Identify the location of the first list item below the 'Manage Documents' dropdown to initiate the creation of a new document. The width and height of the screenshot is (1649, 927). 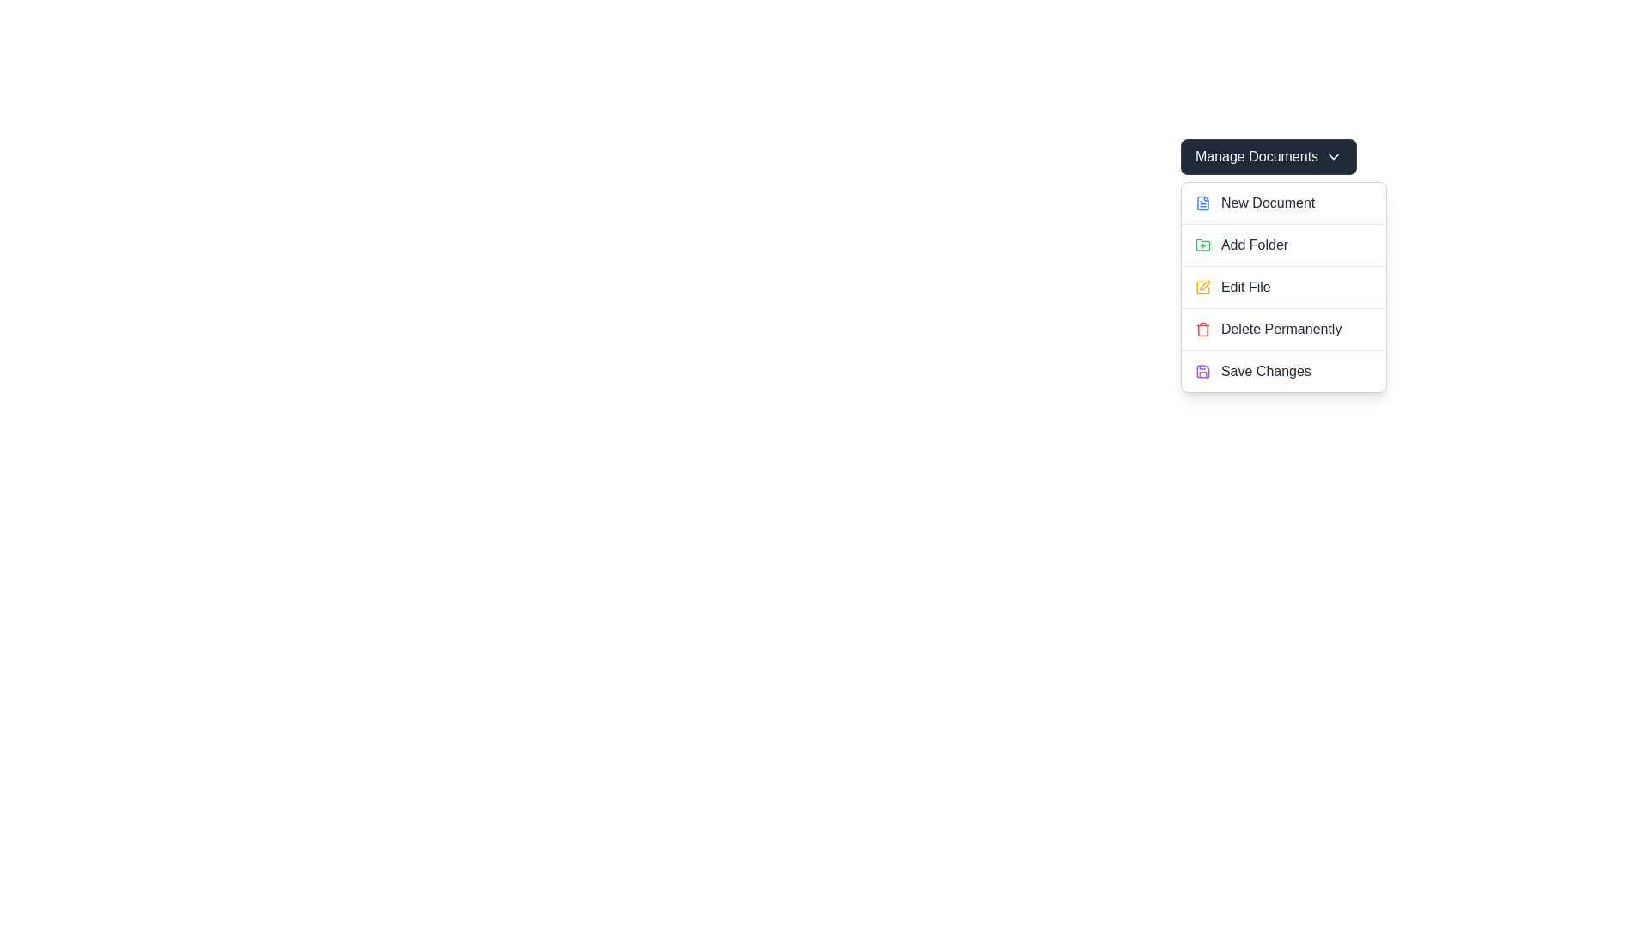
(1282, 202).